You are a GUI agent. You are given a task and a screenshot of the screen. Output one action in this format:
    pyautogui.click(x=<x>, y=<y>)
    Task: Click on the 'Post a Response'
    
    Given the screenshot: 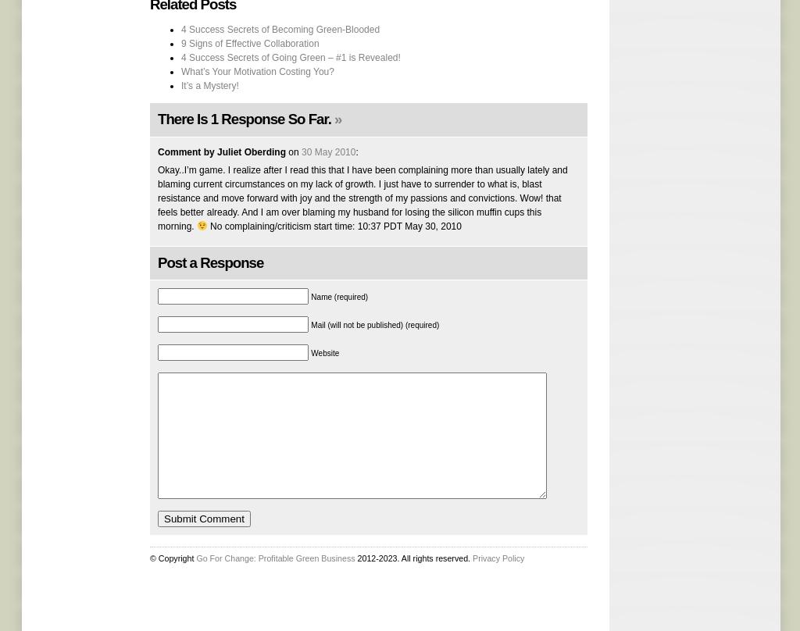 What is the action you would take?
    pyautogui.click(x=210, y=261)
    